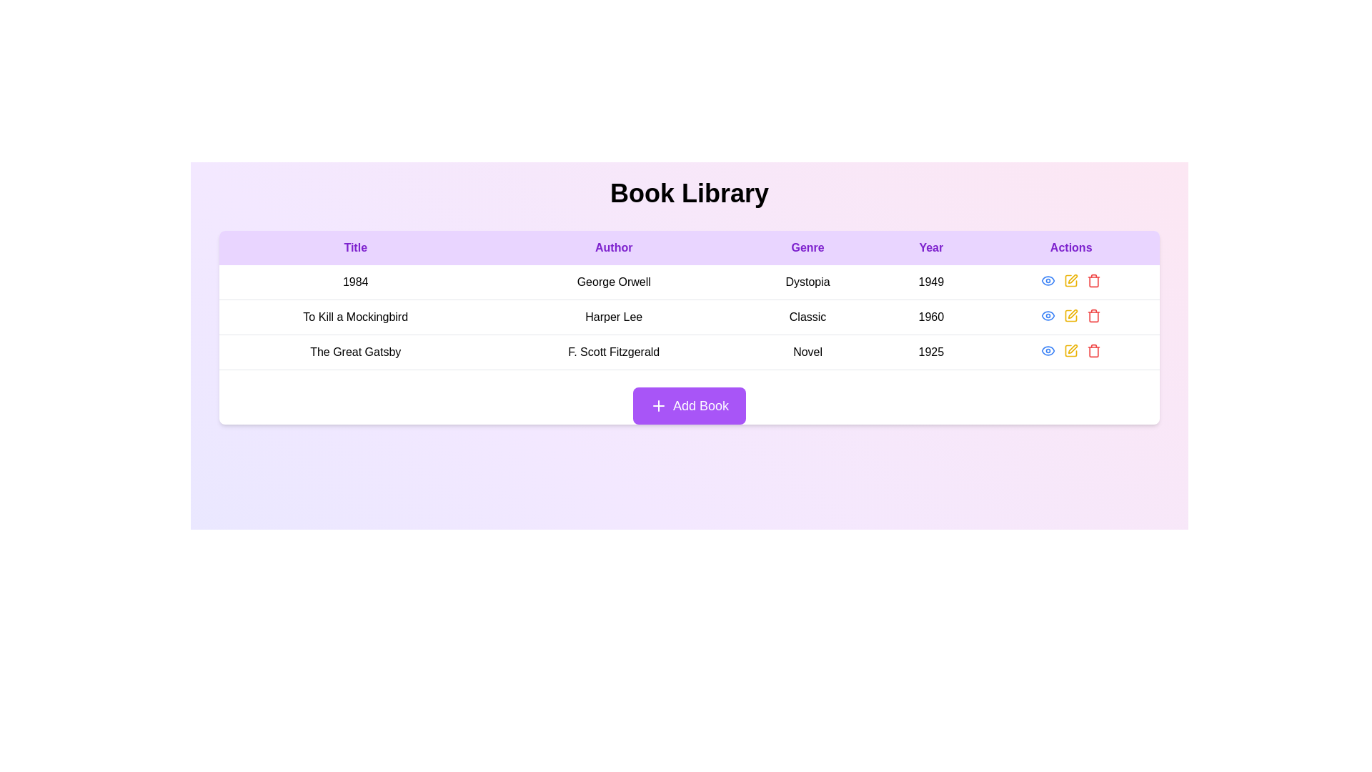 The image size is (1372, 772). What do you see at coordinates (1093, 281) in the screenshot?
I see `the red trash bin icon button, which represents a delete action` at bounding box center [1093, 281].